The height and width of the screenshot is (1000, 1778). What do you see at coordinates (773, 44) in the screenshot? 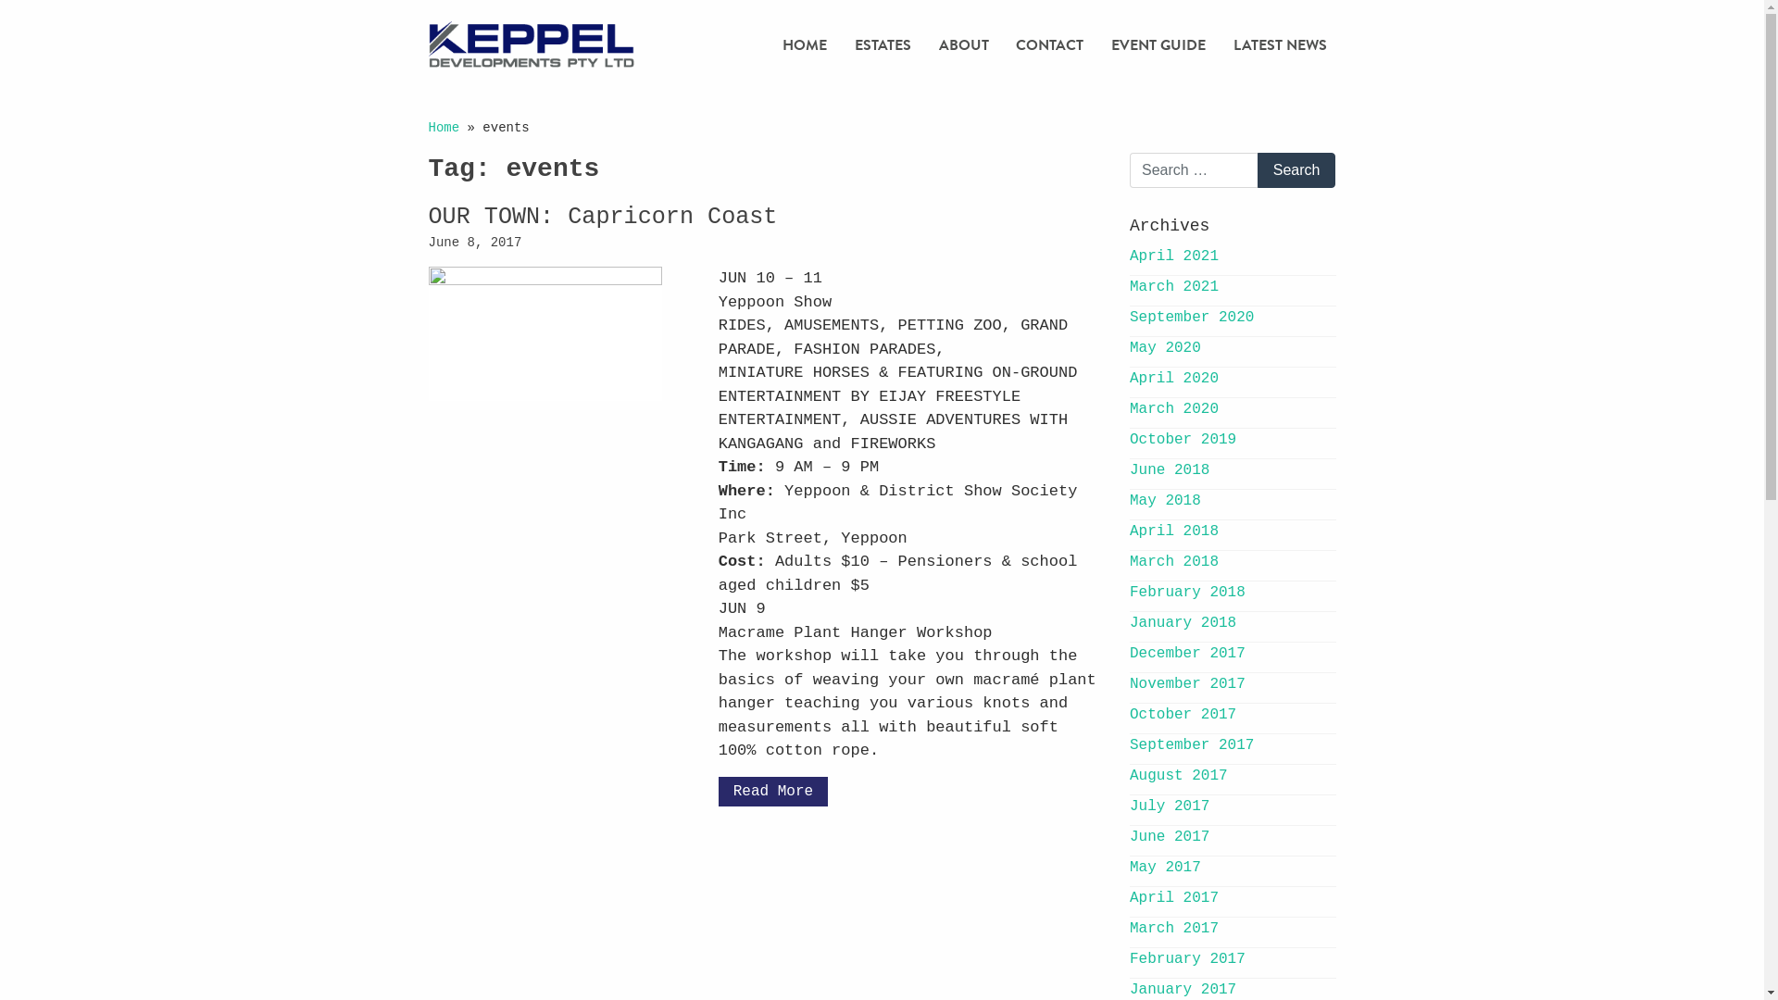
I see `'HOME'` at bounding box center [773, 44].